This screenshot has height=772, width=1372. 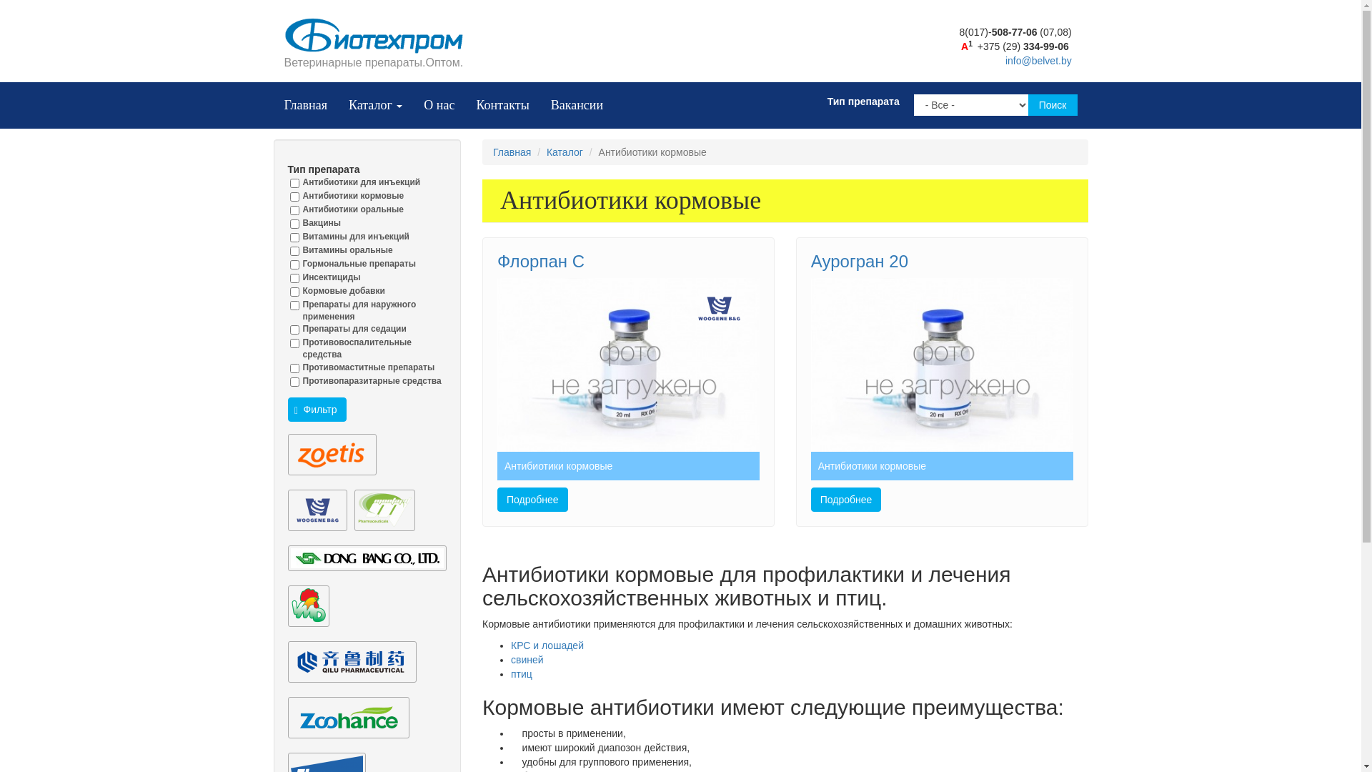 I want to click on 'Montajat', so click(x=384, y=509).